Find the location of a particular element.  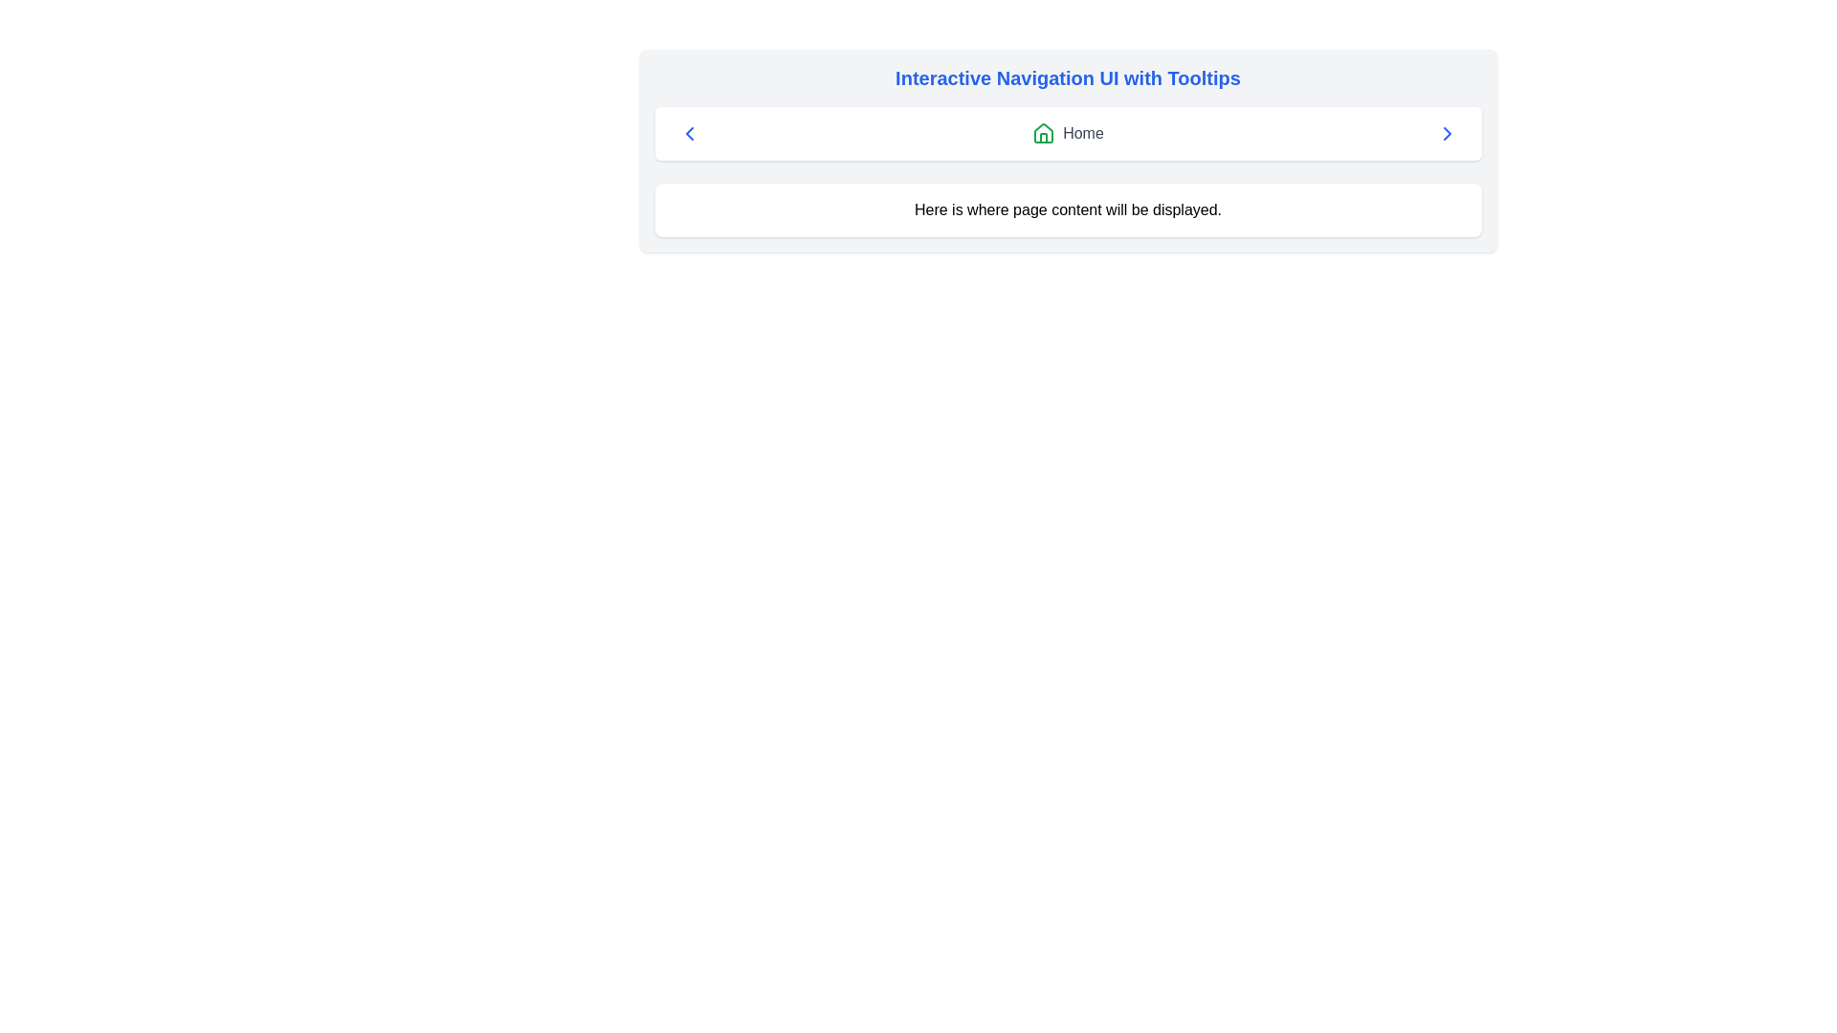

the blue chevron-left SVG icon within the 'Previous' button in the navigation bar at the top of the interface is located at coordinates (689, 132).